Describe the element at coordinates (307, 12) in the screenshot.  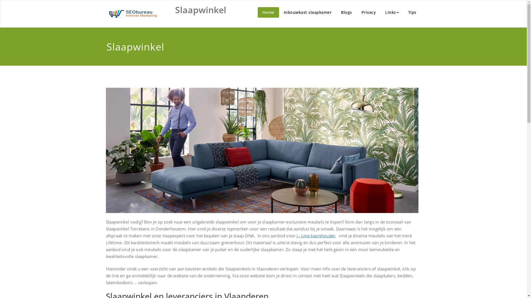
I see `'Inbouwkast slaapkamer'` at that location.